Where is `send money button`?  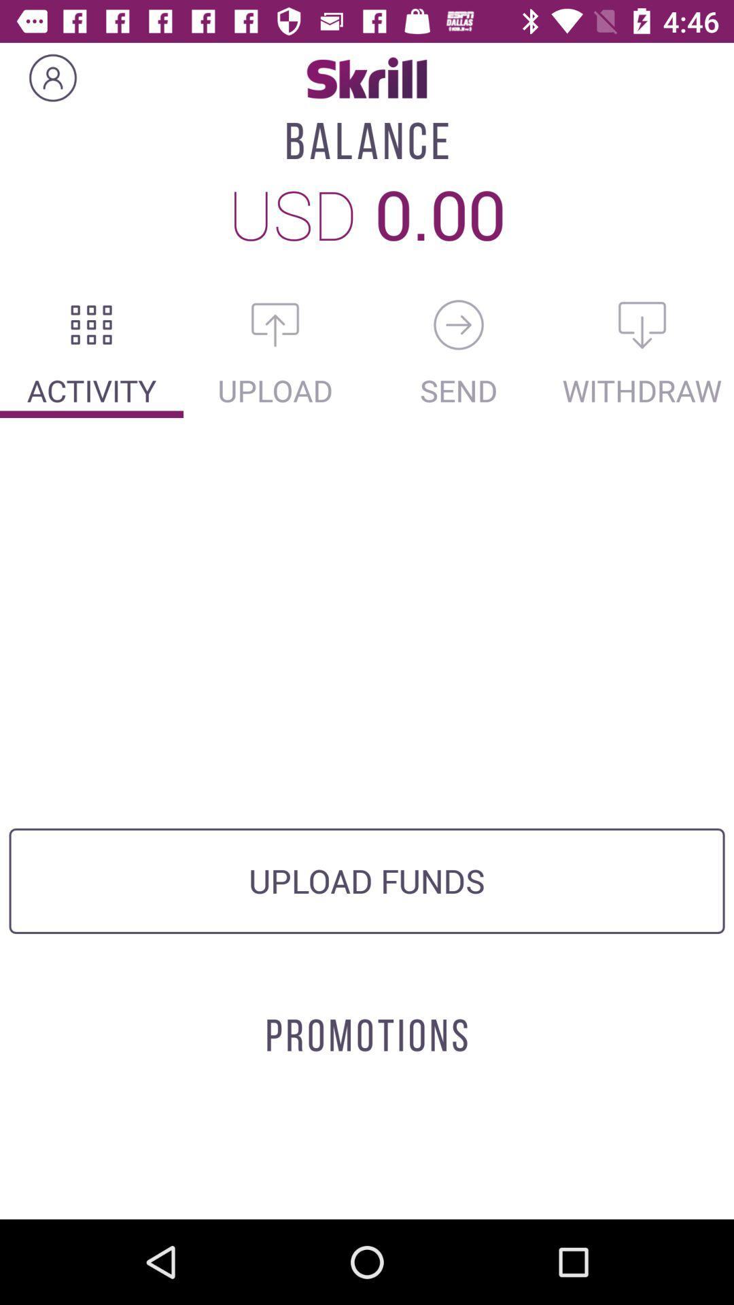 send money button is located at coordinates (459, 324).